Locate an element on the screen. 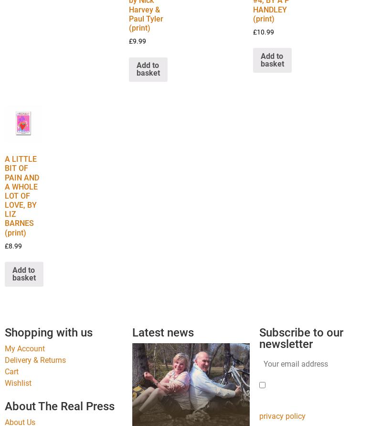 The image size is (382, 426). 'Shopping with us' is located at coordinates (48, 332).